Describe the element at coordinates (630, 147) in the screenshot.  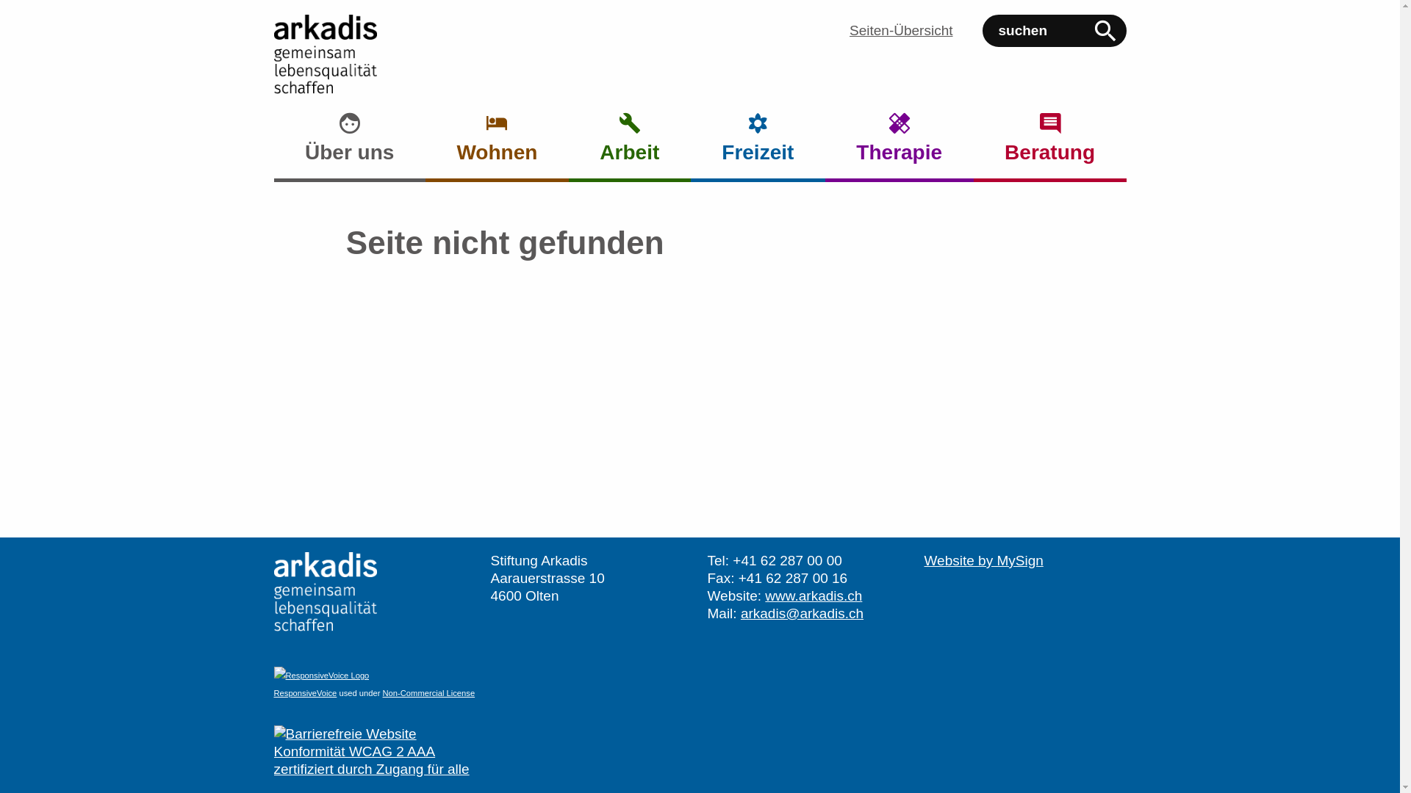
I see `'Arbeit'` at that location.